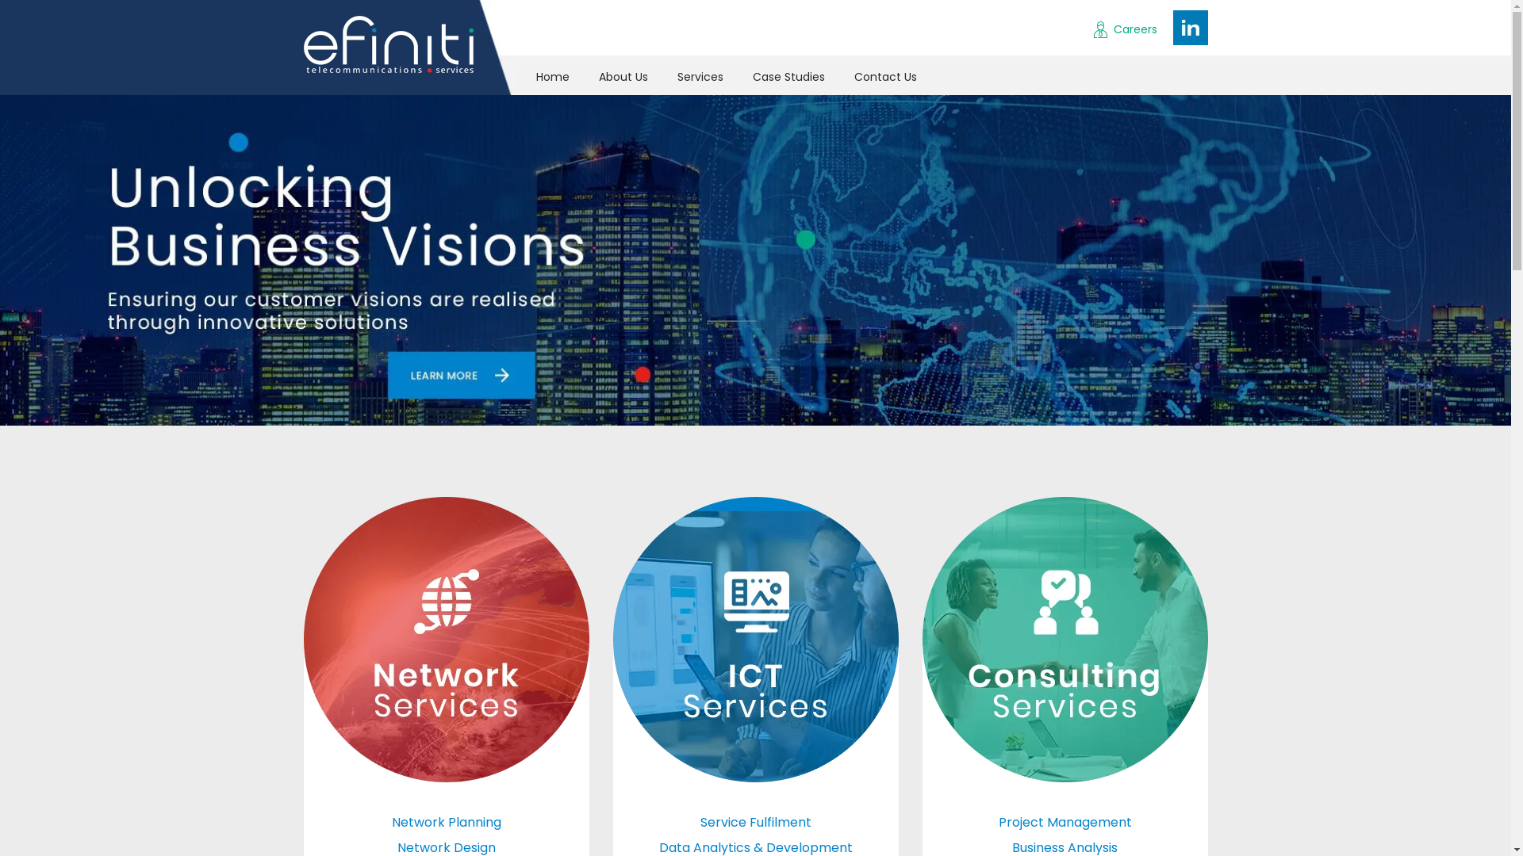 This screenshot has width=1523, height=856. Describe the element at coordinates (754, 821) in the screenshot. I see `'Service Fulfilment'` at that location.